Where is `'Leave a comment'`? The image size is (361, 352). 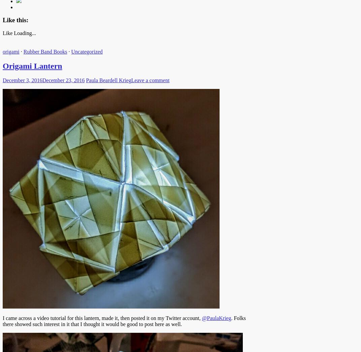 'Leave a comment' is located at coordinates (131, 79).